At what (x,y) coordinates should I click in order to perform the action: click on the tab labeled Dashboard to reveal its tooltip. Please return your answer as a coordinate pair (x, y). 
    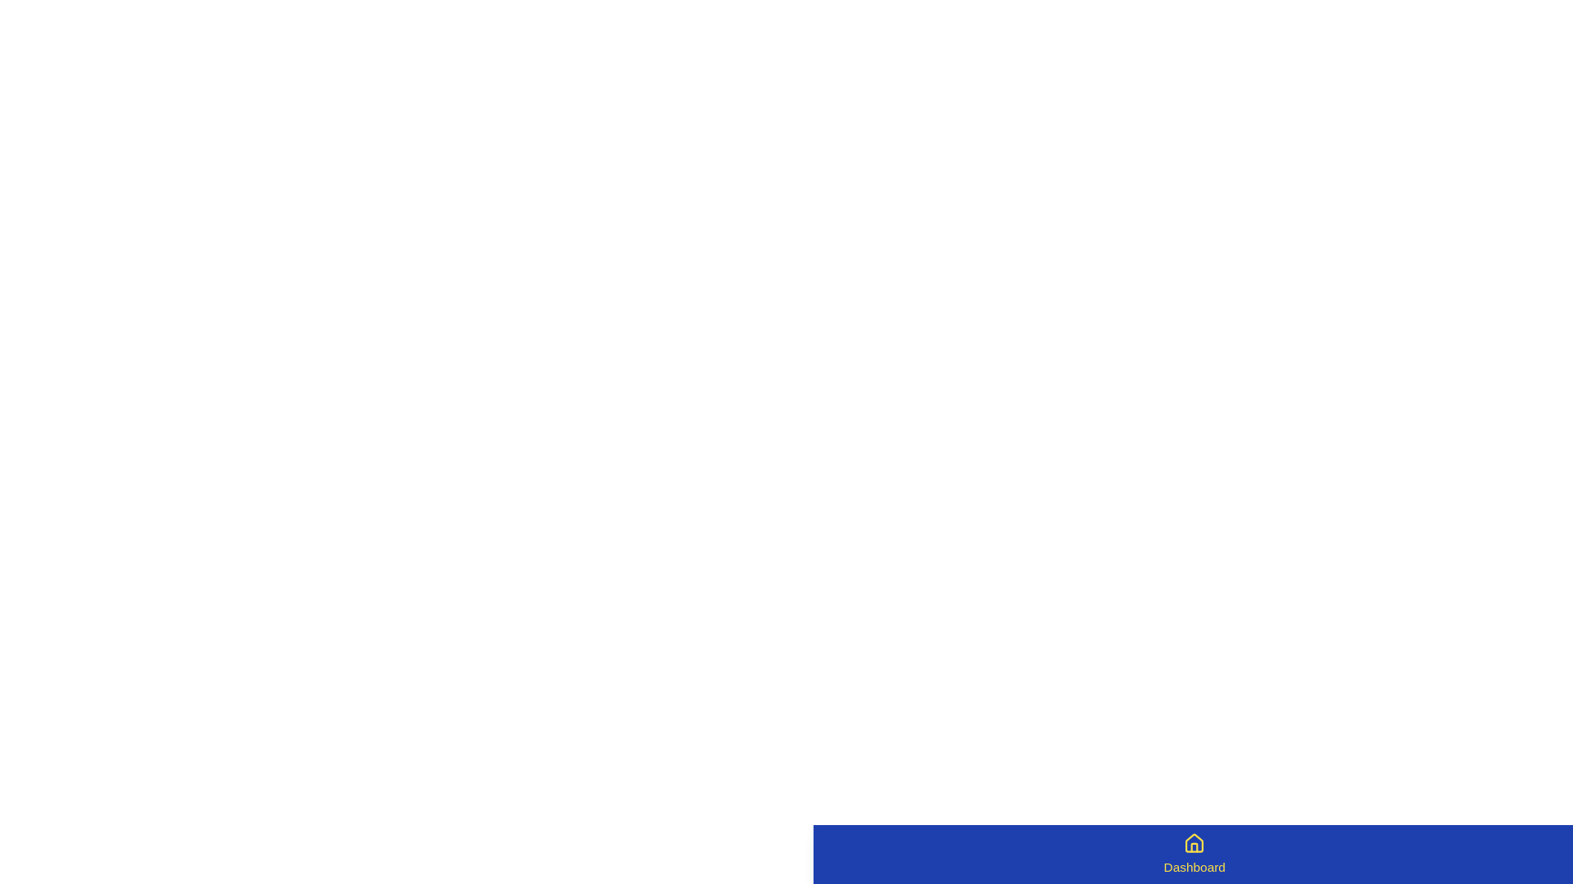
    Looking at the image, I should click on (1194, 854).